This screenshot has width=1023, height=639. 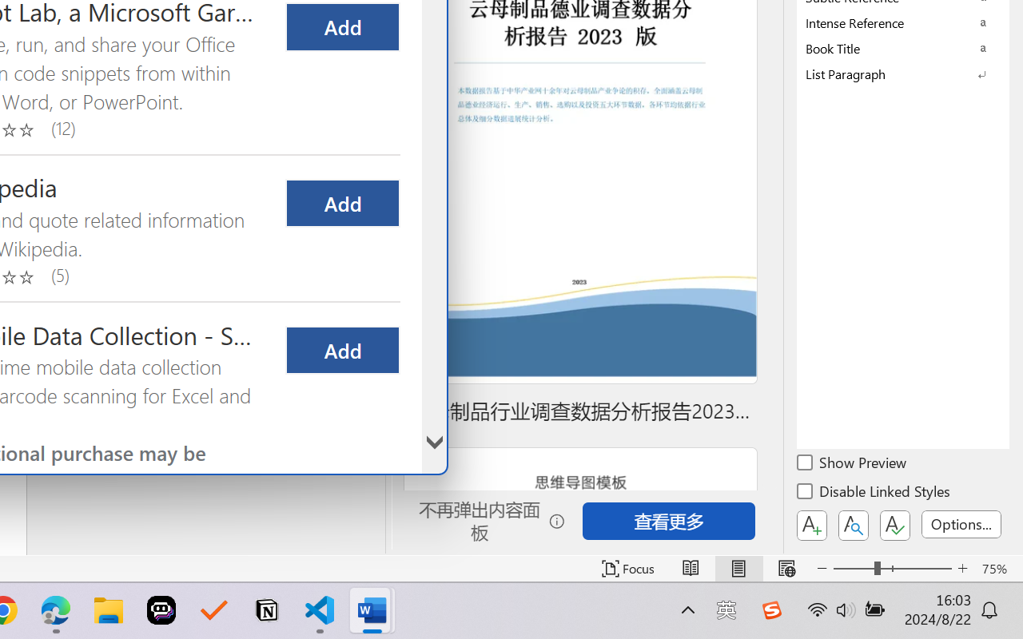 What do you see at coordinates (895, 525) in the screenshot?
I see `'Class: NetUIButton'` at bounding box center [895, 525].